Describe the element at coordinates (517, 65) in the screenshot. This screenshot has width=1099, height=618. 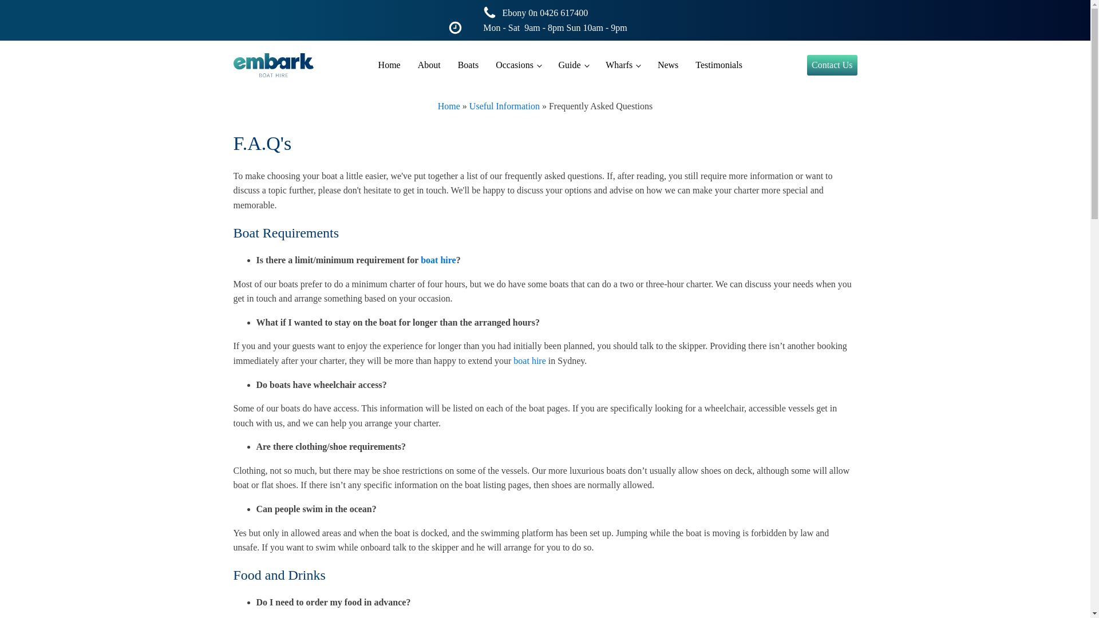
I see `'Occasions'` at that location.